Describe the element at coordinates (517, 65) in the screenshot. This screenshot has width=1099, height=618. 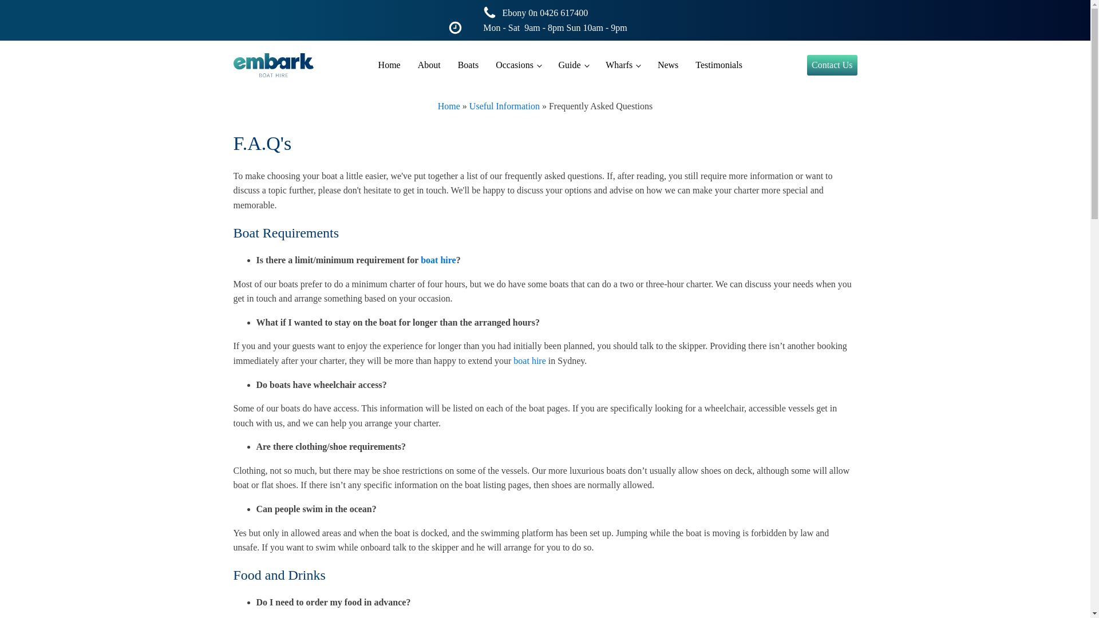
I see `'Occasions'` at that location.